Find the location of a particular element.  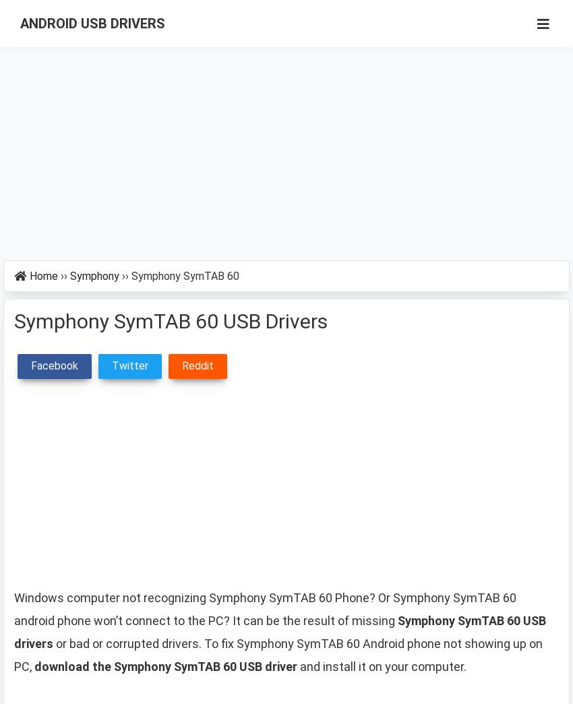

'and install it on your computer.' is located at coordinates (382, 666).